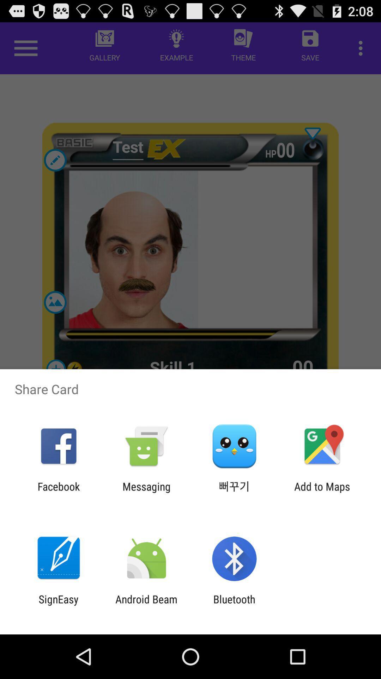 Image resolution: width=381 pixels, height=679 pixels. Describe the element at coordinates (146, 605) in the screenshot. I see `the item to the right of the signeasy app` at that location.